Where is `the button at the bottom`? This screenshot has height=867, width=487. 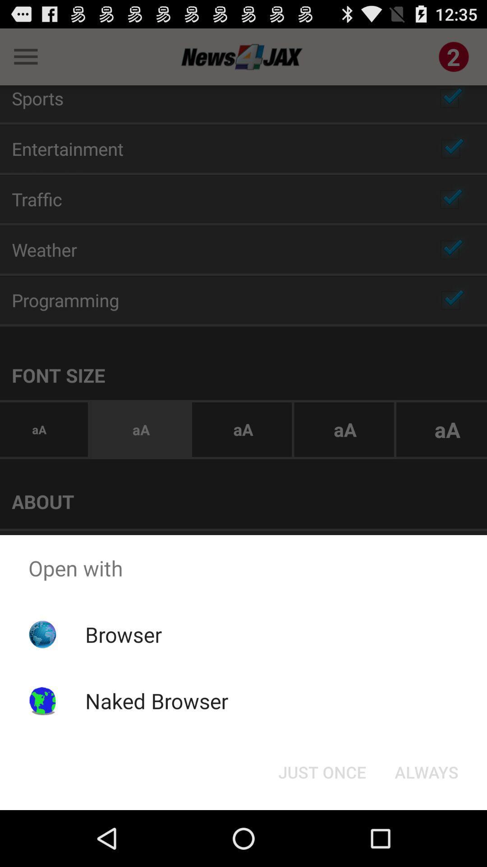 the button at the bottom is located at coordinates (322, 771).